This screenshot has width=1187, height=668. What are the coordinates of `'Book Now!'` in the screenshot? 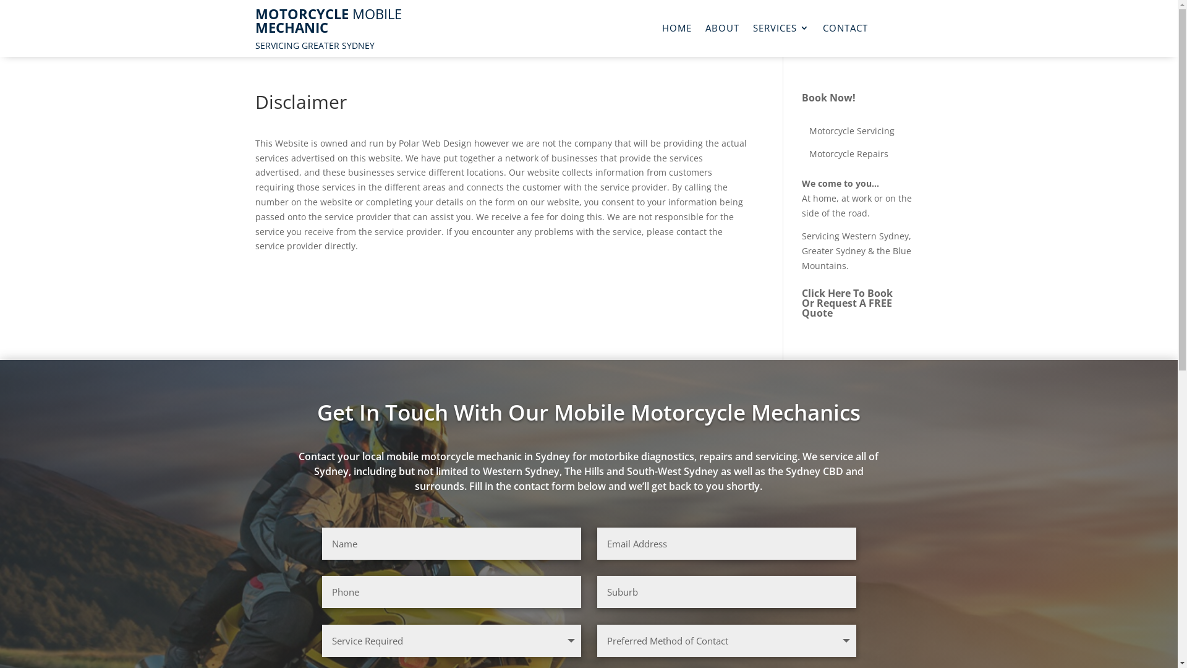 It's located at (828, 97).